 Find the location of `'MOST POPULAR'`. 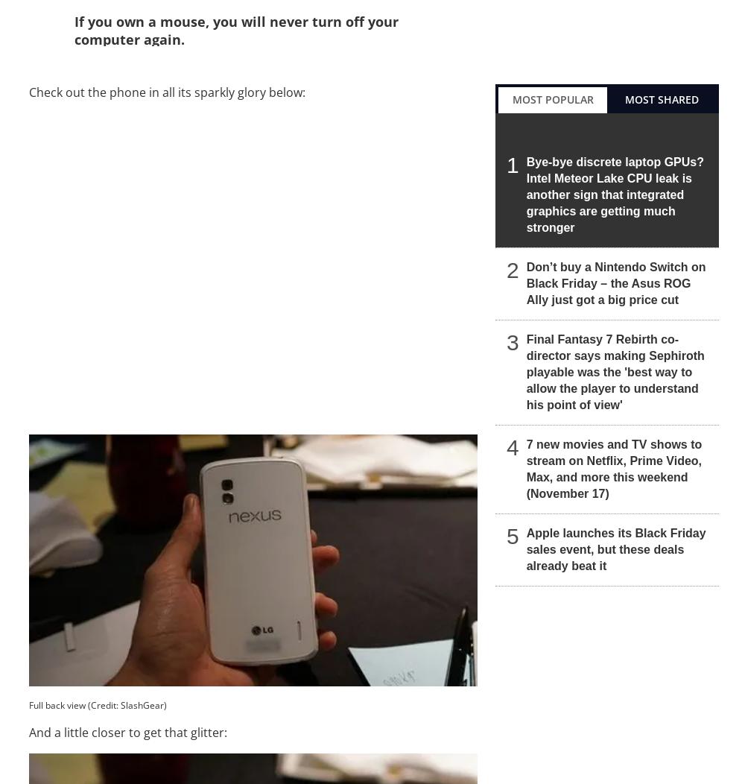

'MOST POPULAR' is located at coordinates (551, 98).